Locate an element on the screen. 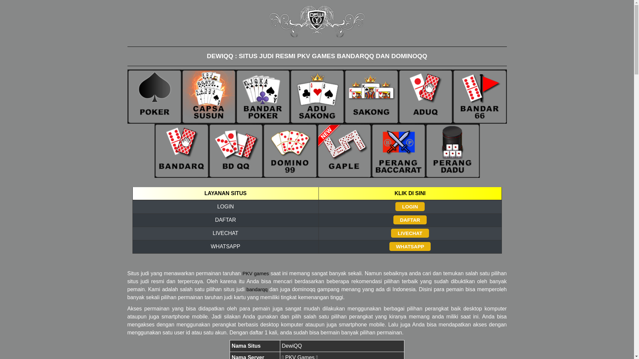 This screenshot has width=639, height=359. 'LOGIN' is located at coordinates (410, 206).